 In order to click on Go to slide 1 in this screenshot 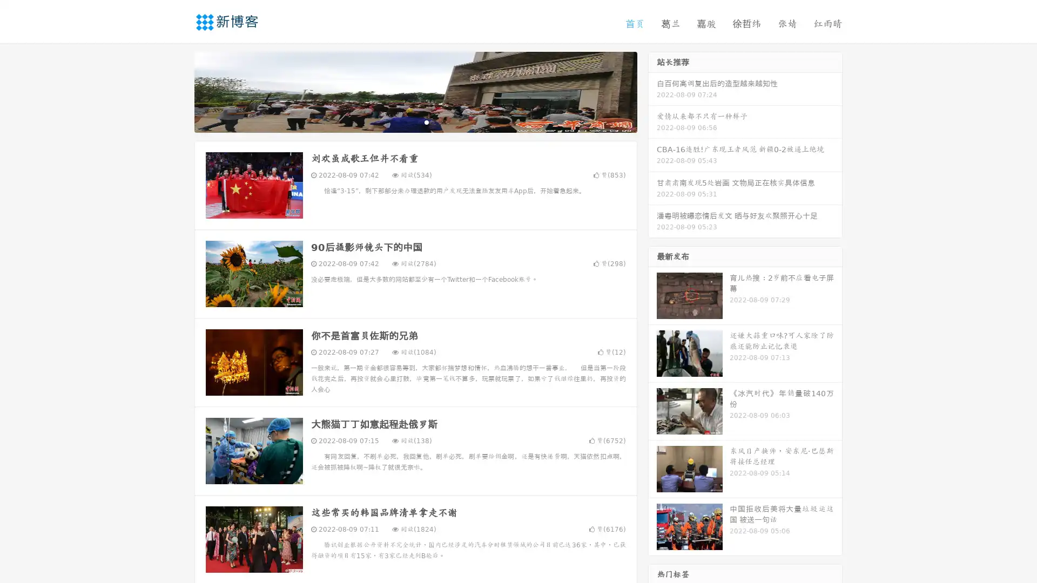, I will do `click(404, 121)`.